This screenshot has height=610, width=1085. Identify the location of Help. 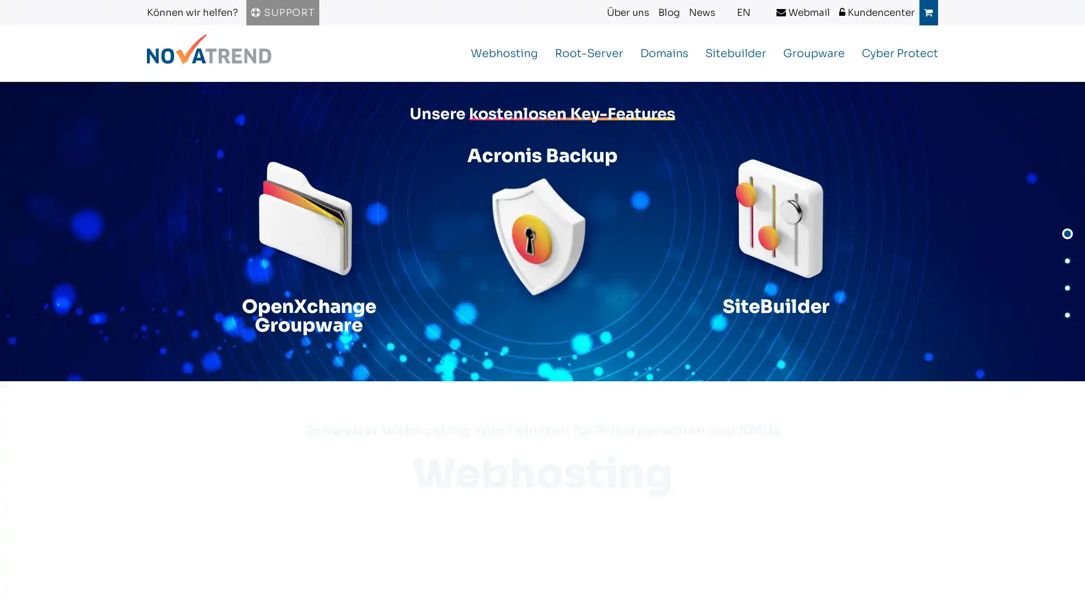
(33, 585).